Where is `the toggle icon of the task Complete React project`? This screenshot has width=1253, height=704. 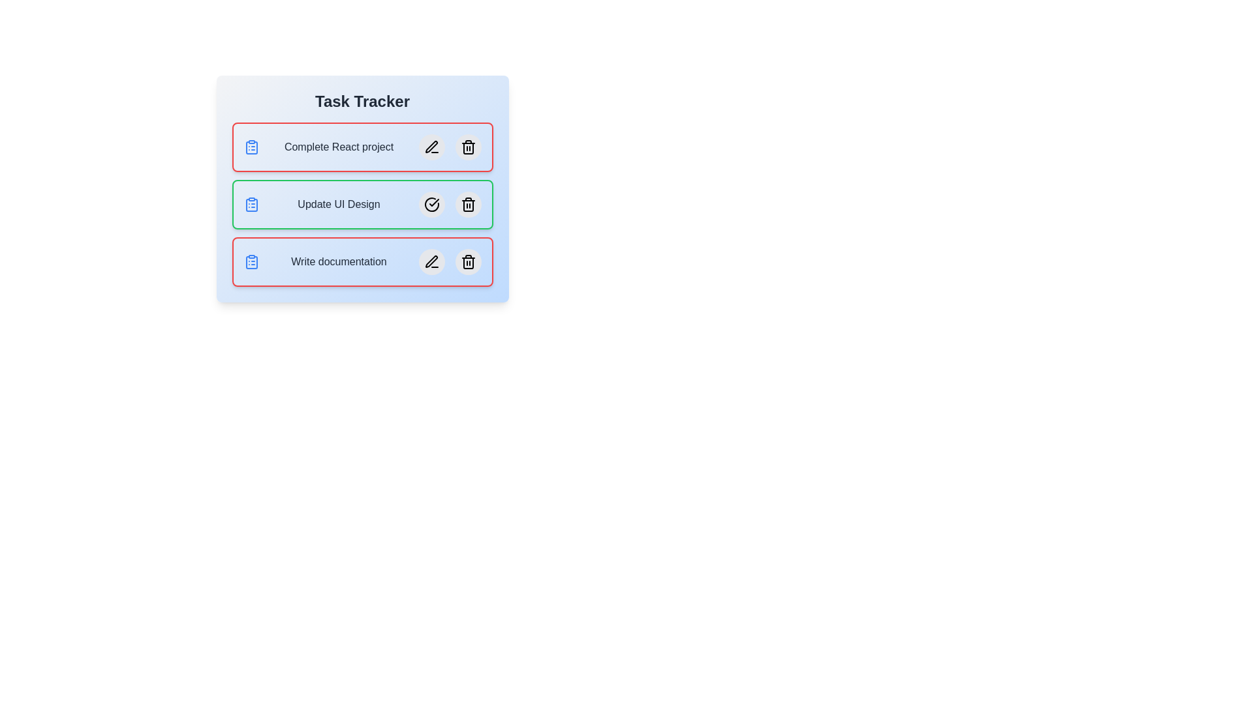 the toggle icon of the task Complete React project is located at coordinates (251, 147).